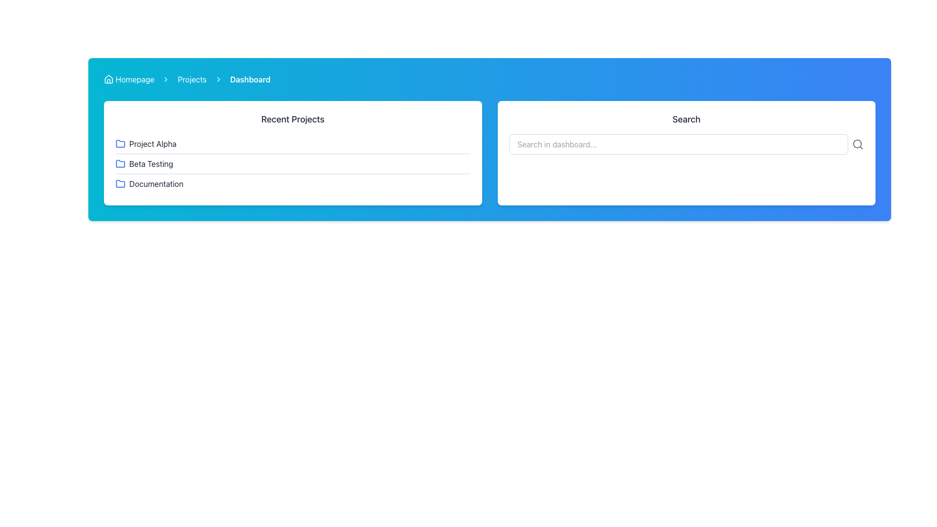  I want to click on the interactive text link labeled 'Projects' in the breadcrumb navigation bar, so click(192, 79).